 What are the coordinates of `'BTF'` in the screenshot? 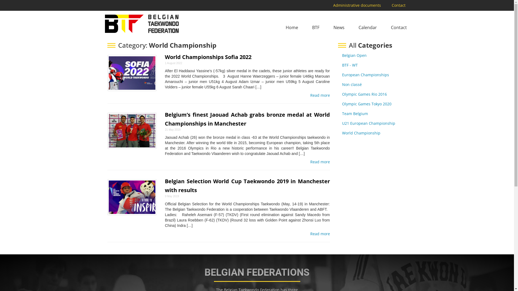 It's located at (316, 27).